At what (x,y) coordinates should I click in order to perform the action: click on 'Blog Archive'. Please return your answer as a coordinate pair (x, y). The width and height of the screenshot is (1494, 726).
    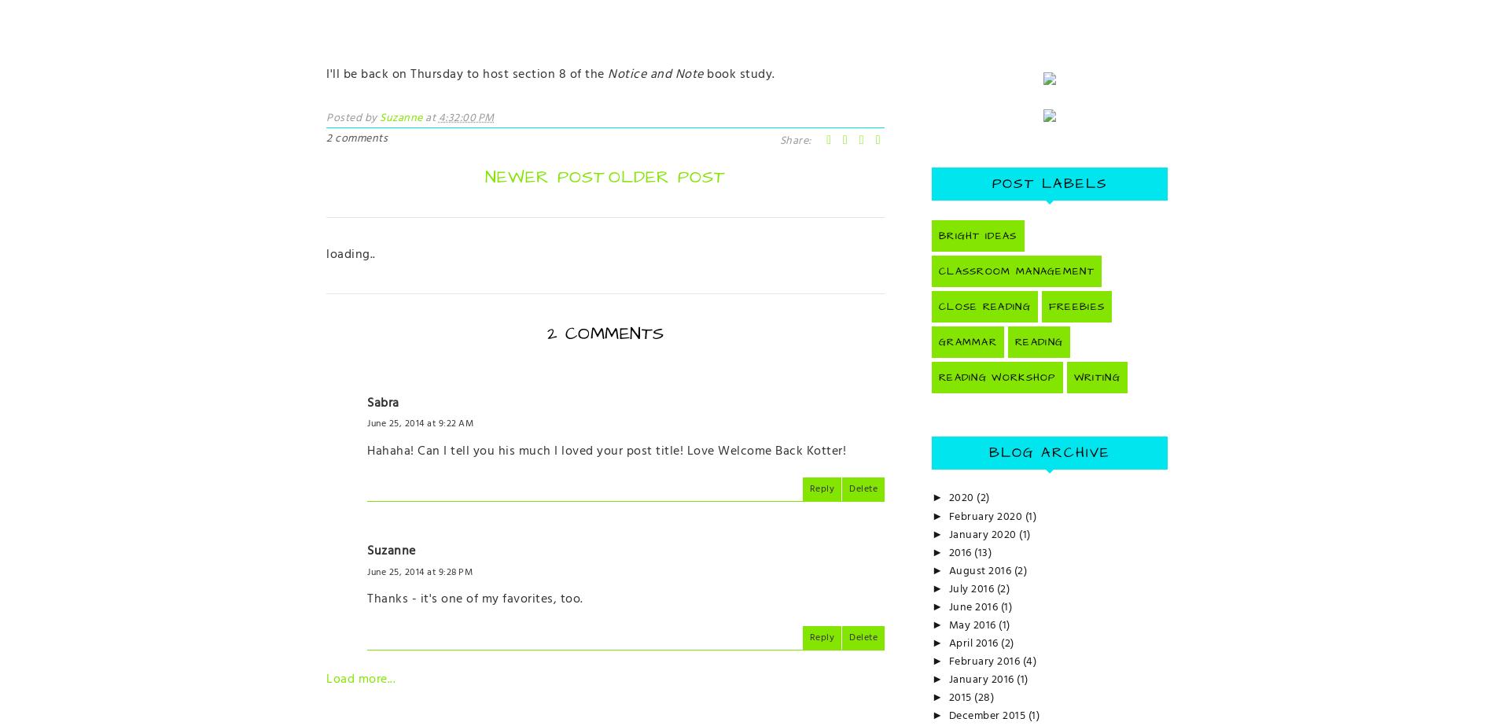
    Looking at the image, I should click on (1048, 451).